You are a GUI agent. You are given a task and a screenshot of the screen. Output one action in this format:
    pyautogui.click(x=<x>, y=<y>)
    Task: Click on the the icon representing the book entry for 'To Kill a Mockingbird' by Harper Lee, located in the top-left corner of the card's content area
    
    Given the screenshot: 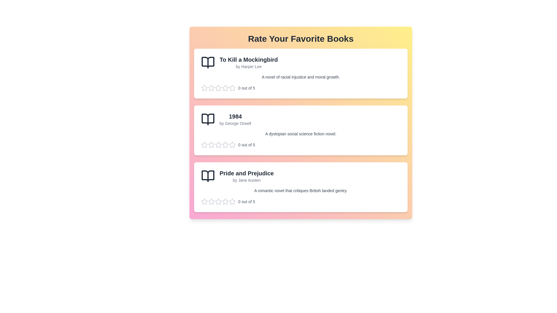 What is the action you would take?
    pyautogui.click(x=208, y=63)
    